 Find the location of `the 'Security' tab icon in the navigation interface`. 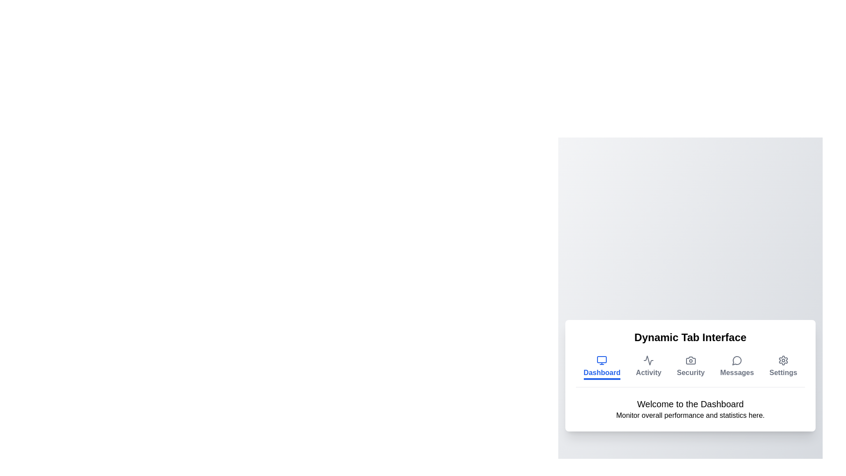

the 'Security' tab icon in the navigation interface is located at coordinates (690, 360).